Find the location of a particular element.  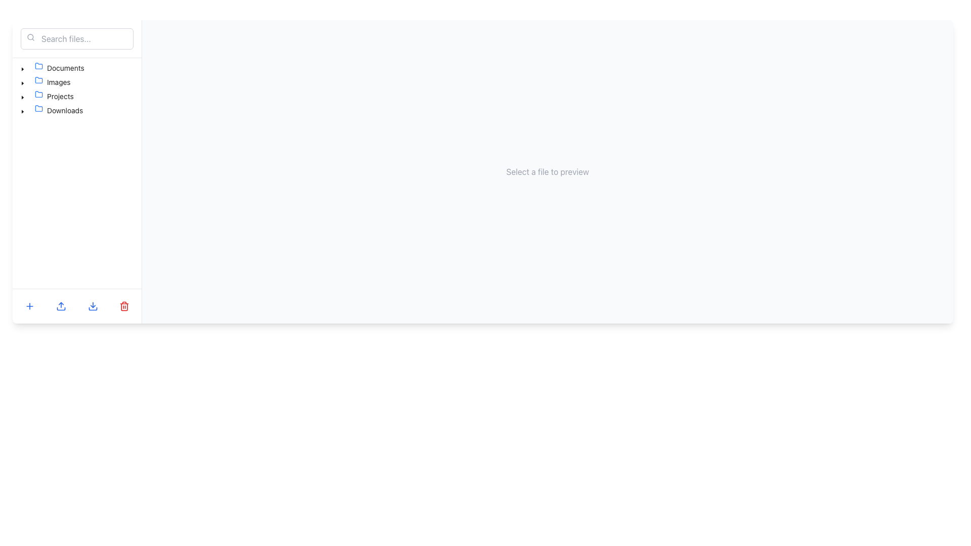

the 'Projects' folder, which is the third item is located at coordinates (47, 97).